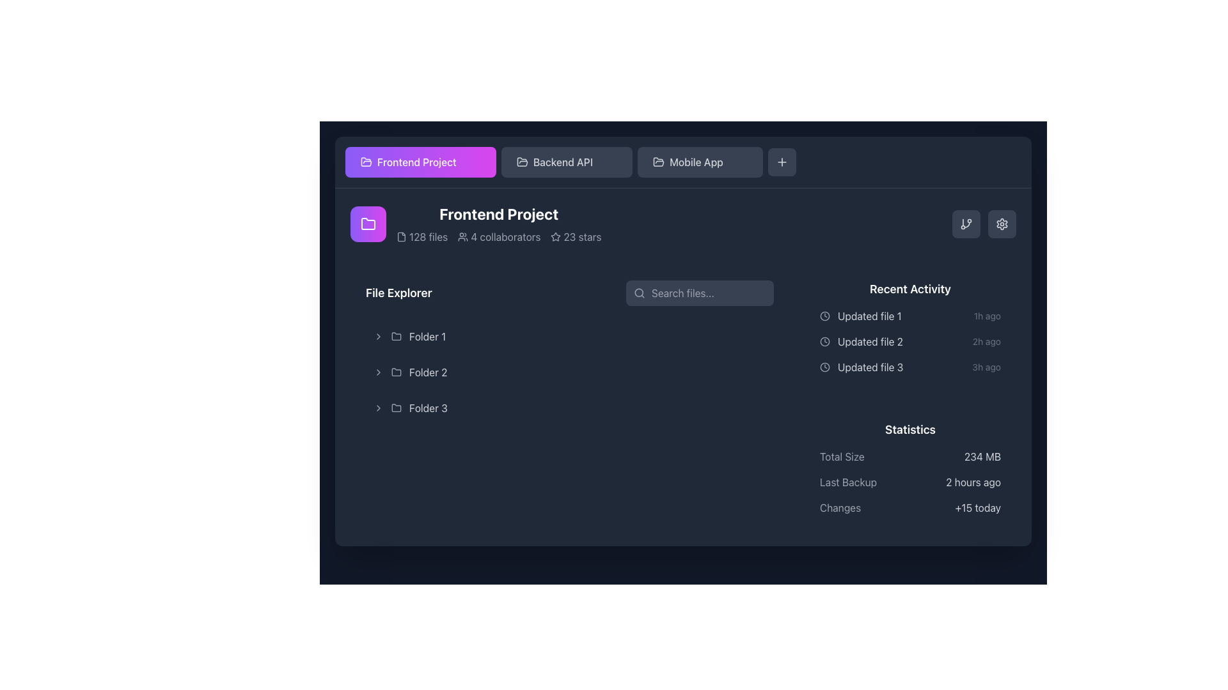  Describe the element at coordinates (377, 408) in the screenshot. I see `the right-facing chevron icon adjacent to the text label 'Folder 3' in the 'File Explorer' list` at that location.